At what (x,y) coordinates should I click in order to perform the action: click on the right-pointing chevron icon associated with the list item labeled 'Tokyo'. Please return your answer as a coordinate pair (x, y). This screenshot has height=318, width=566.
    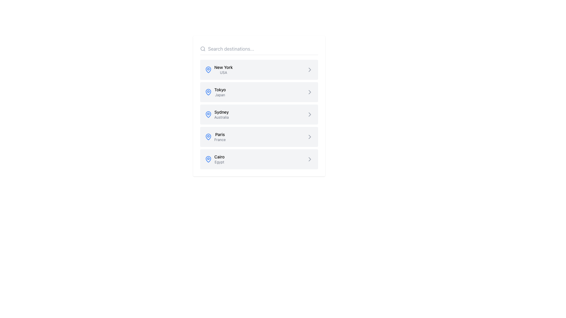
    Looking at the image, I should click on (310, 92).